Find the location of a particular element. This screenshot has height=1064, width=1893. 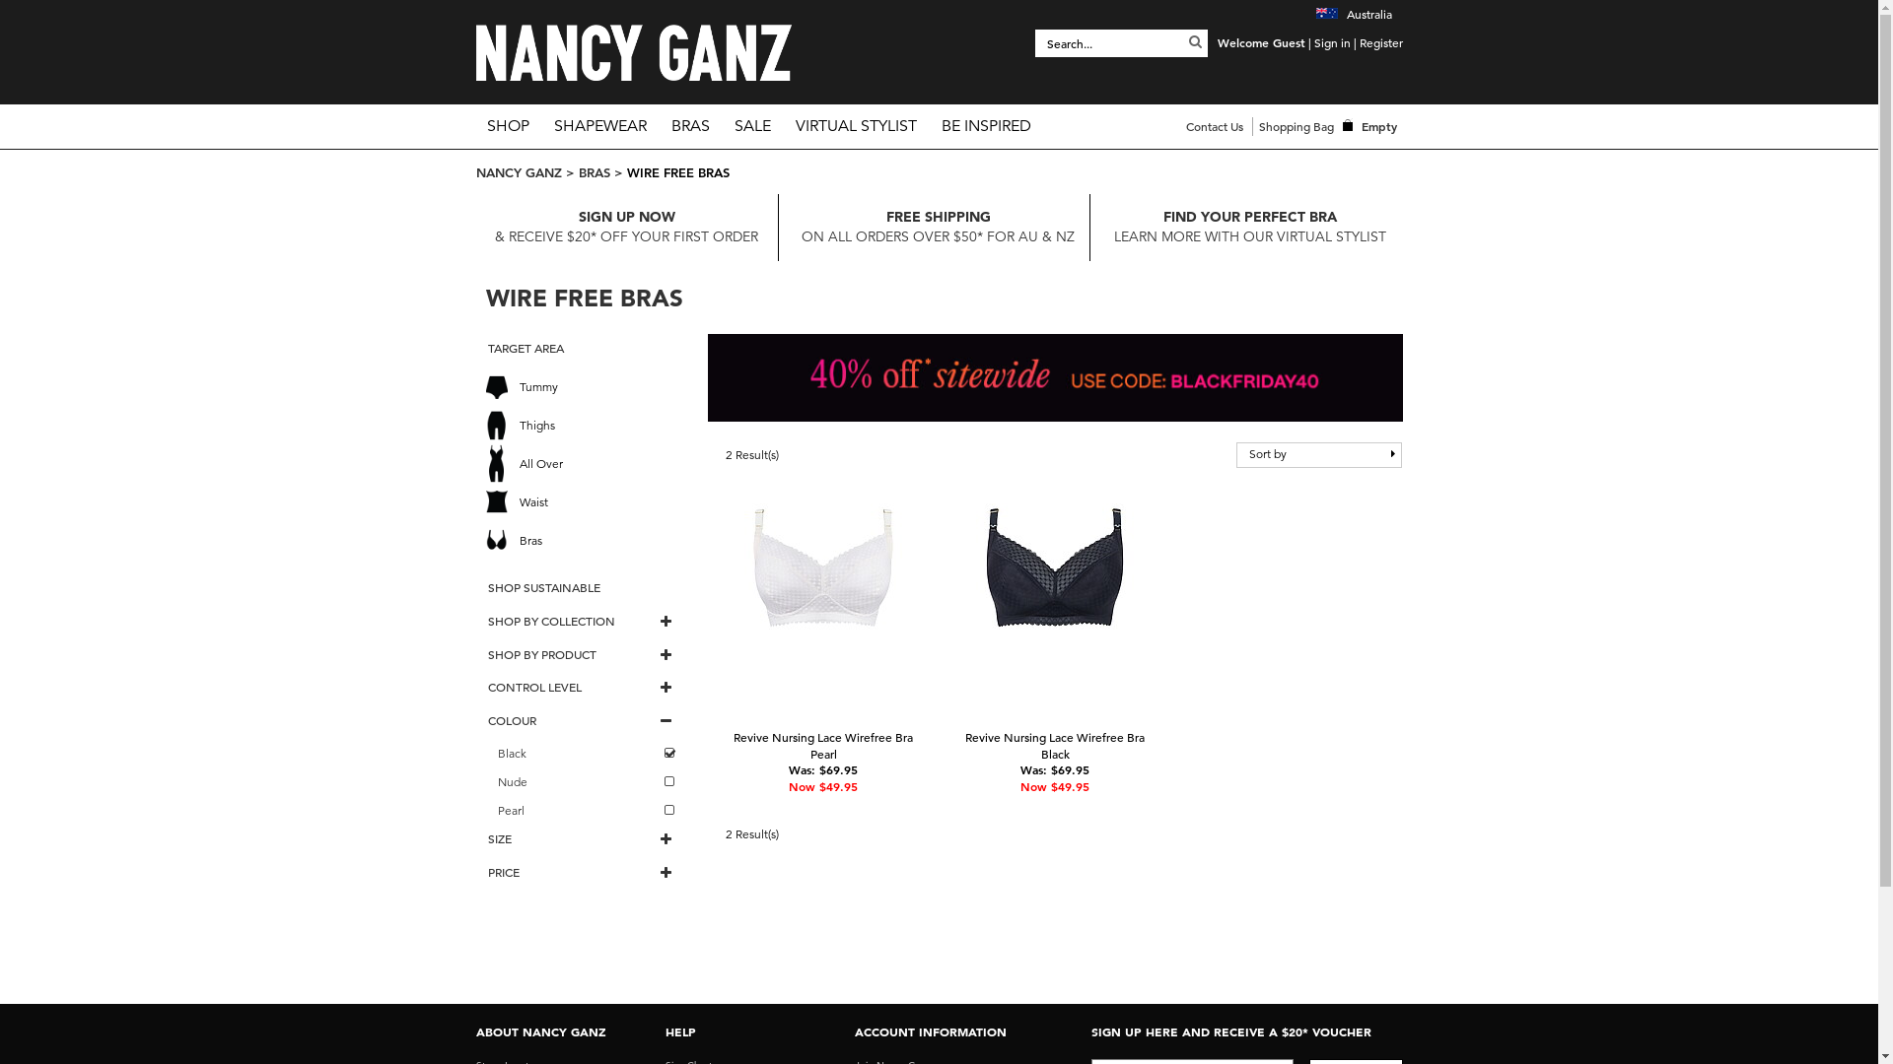

'Thighs' is located at coordinates (585, 424).